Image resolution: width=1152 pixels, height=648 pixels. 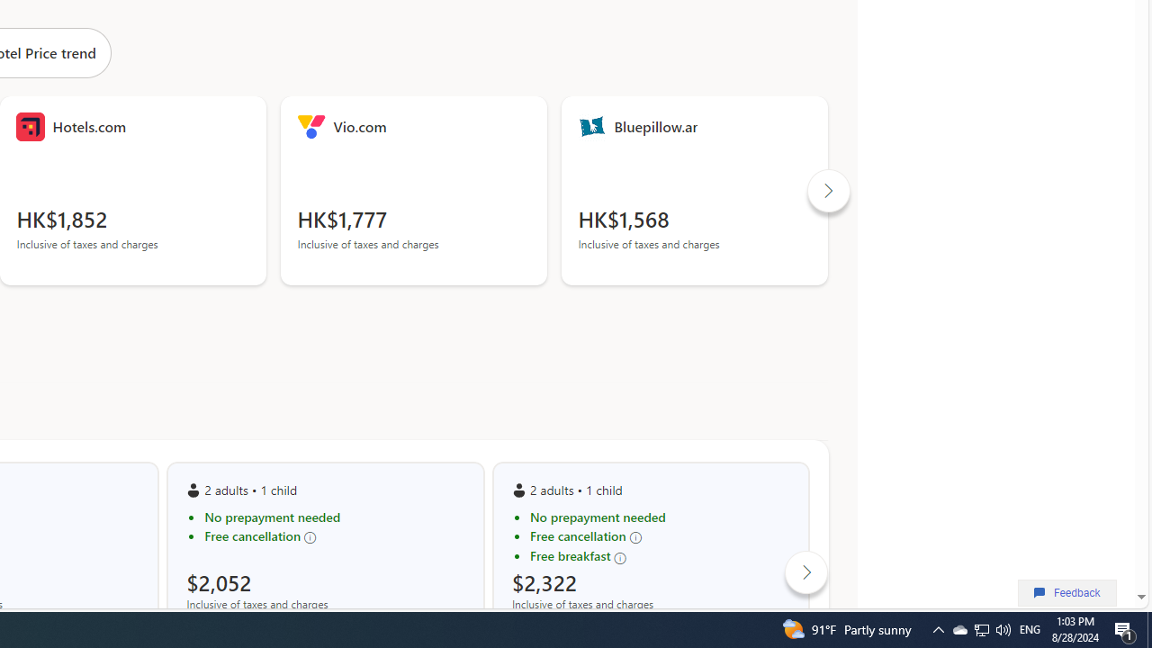 What do you see at coordinates (413, 191) in the screenshot?
I see `'Vendor Logo Vio.com HK$1,777 Inclusive of taxes and charges'` at bounding box center [413, 191].